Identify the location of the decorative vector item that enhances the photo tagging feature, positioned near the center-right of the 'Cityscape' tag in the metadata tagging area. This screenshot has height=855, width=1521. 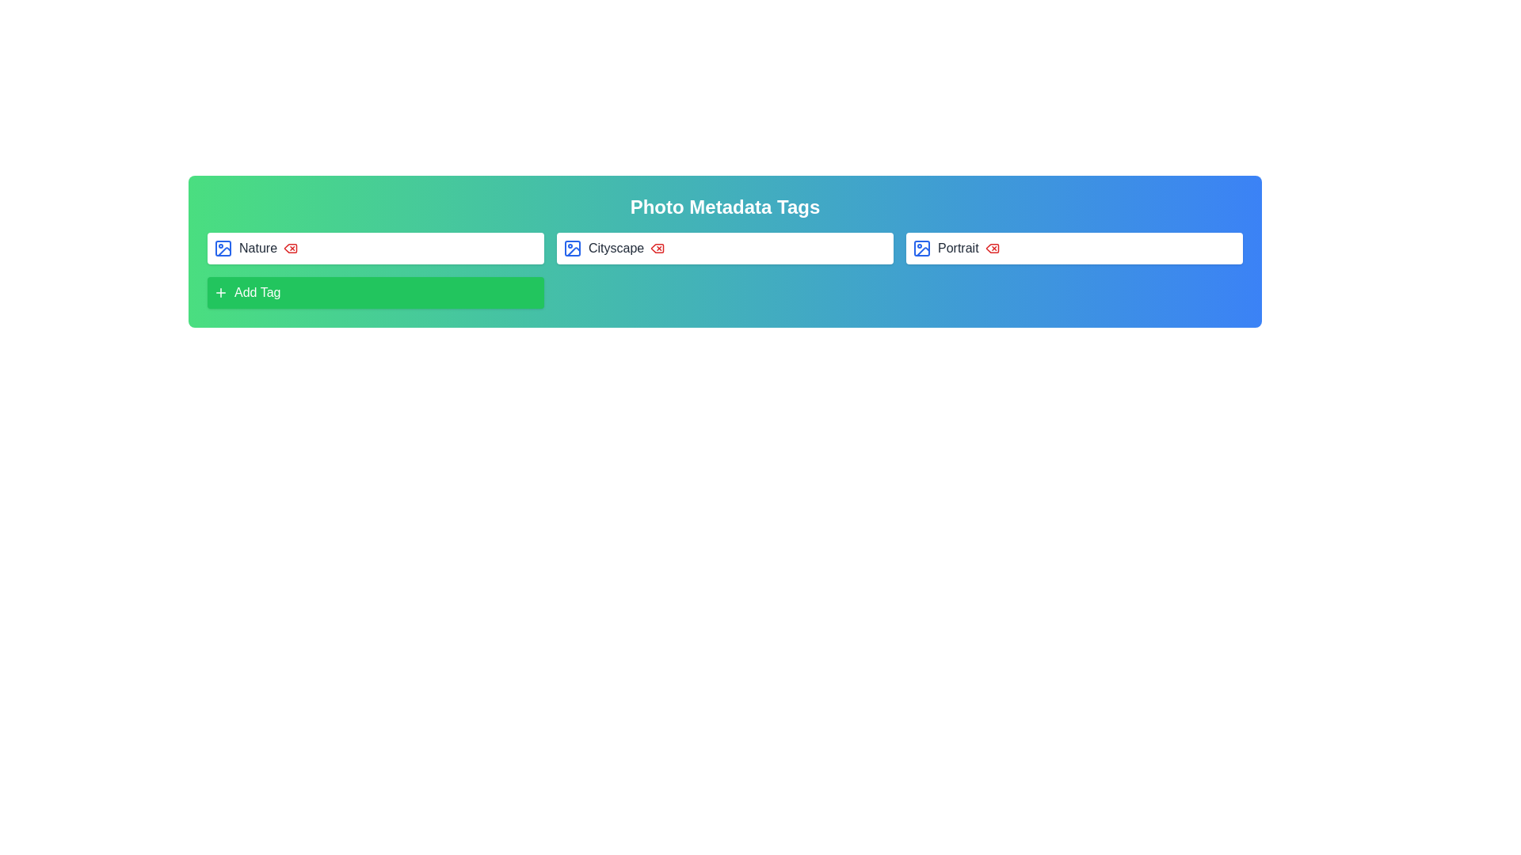
(573, 251).